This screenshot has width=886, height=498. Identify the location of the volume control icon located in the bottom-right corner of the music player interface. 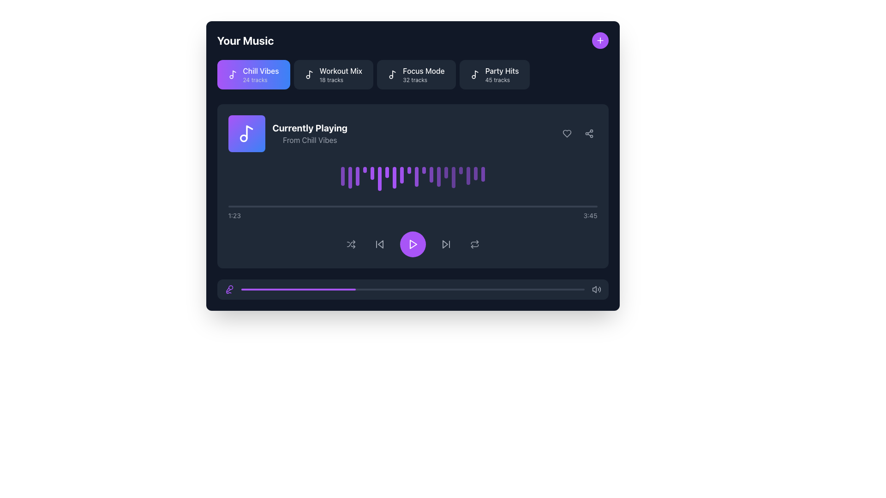
(596, 289).